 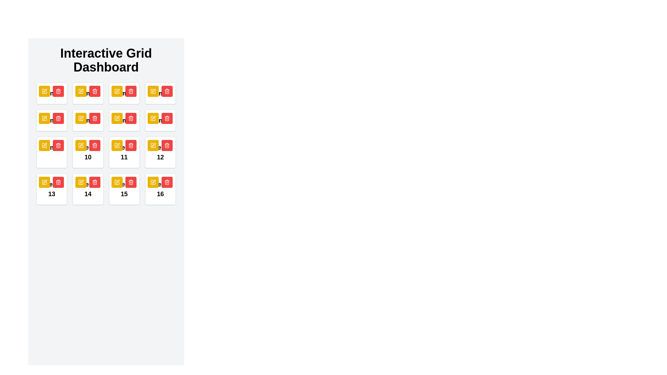 I want to click on the edit icon located in the third row, first column of the grid layout, which has a yellow background and is positioned to the left of the red delete button, so click(x=153, y=118).